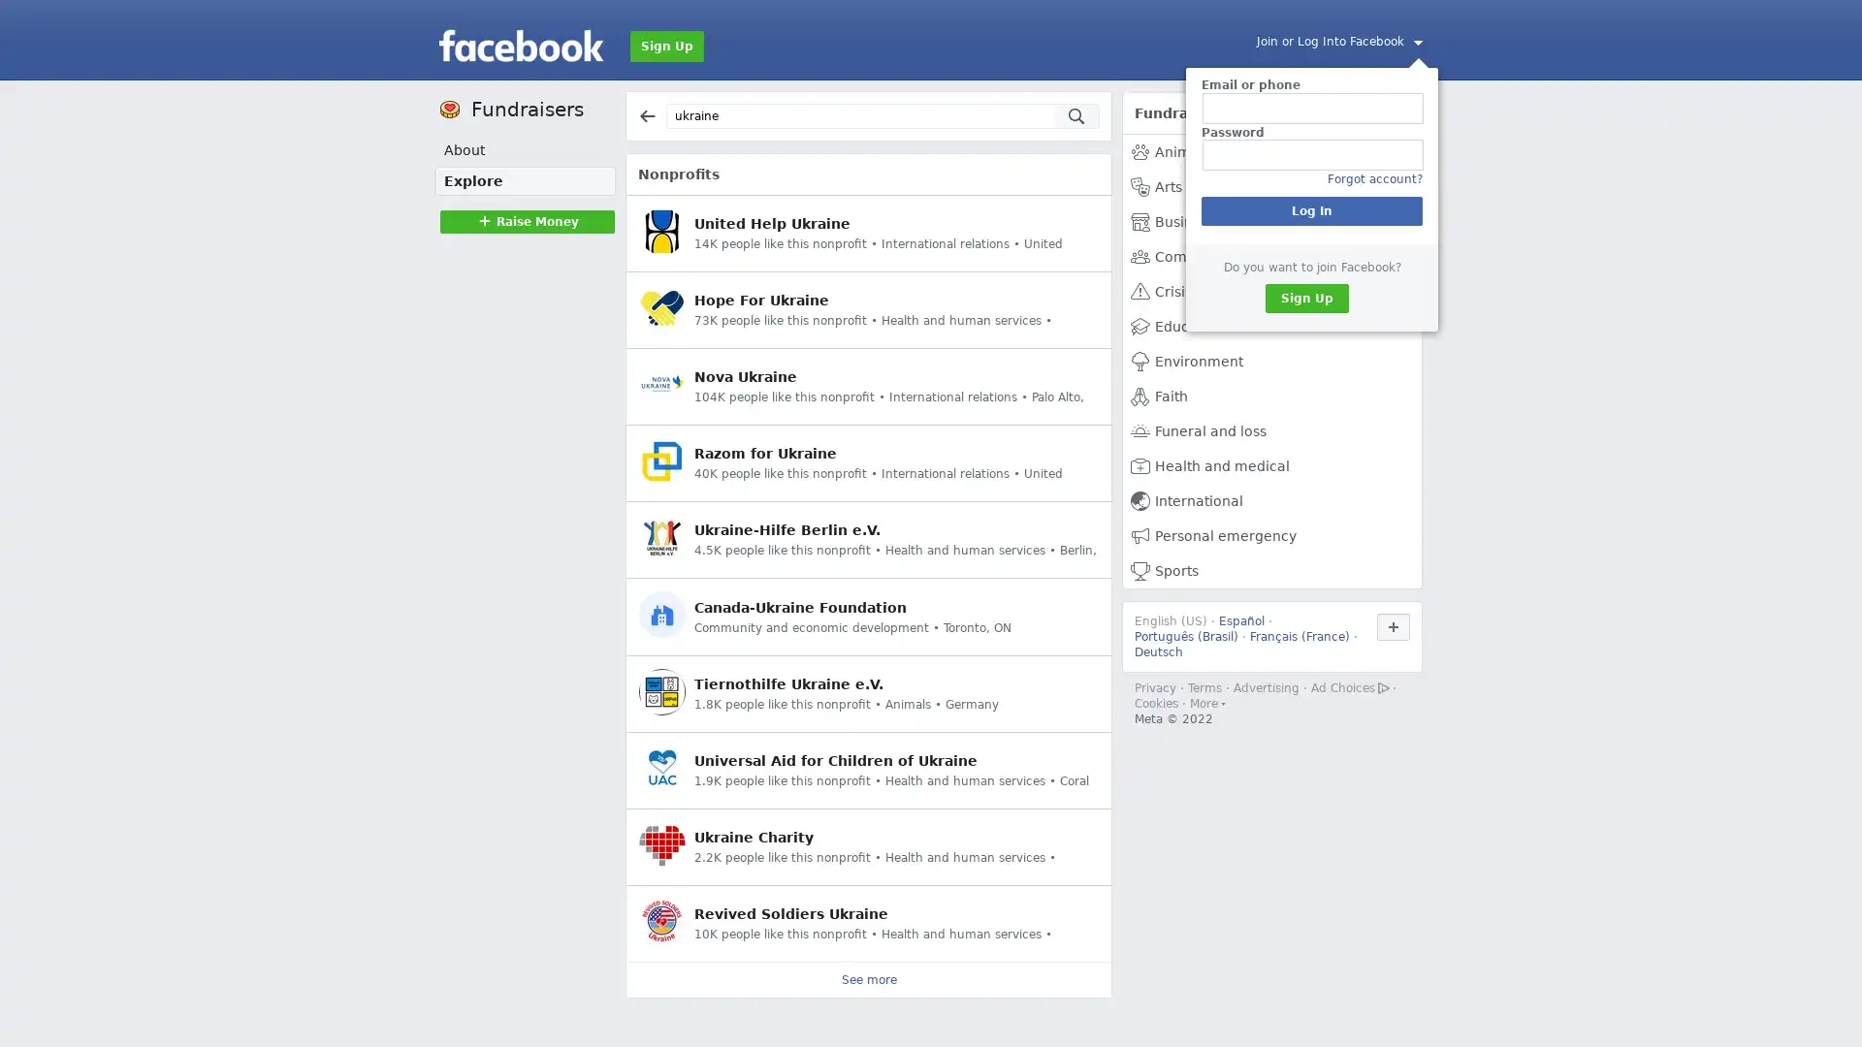 The height and width of the screenshot is (1047, 1862). What do you see at coordinates (1241, 620) in the screenshot?
I see `Espanol` at bounding box center [1241, 620].